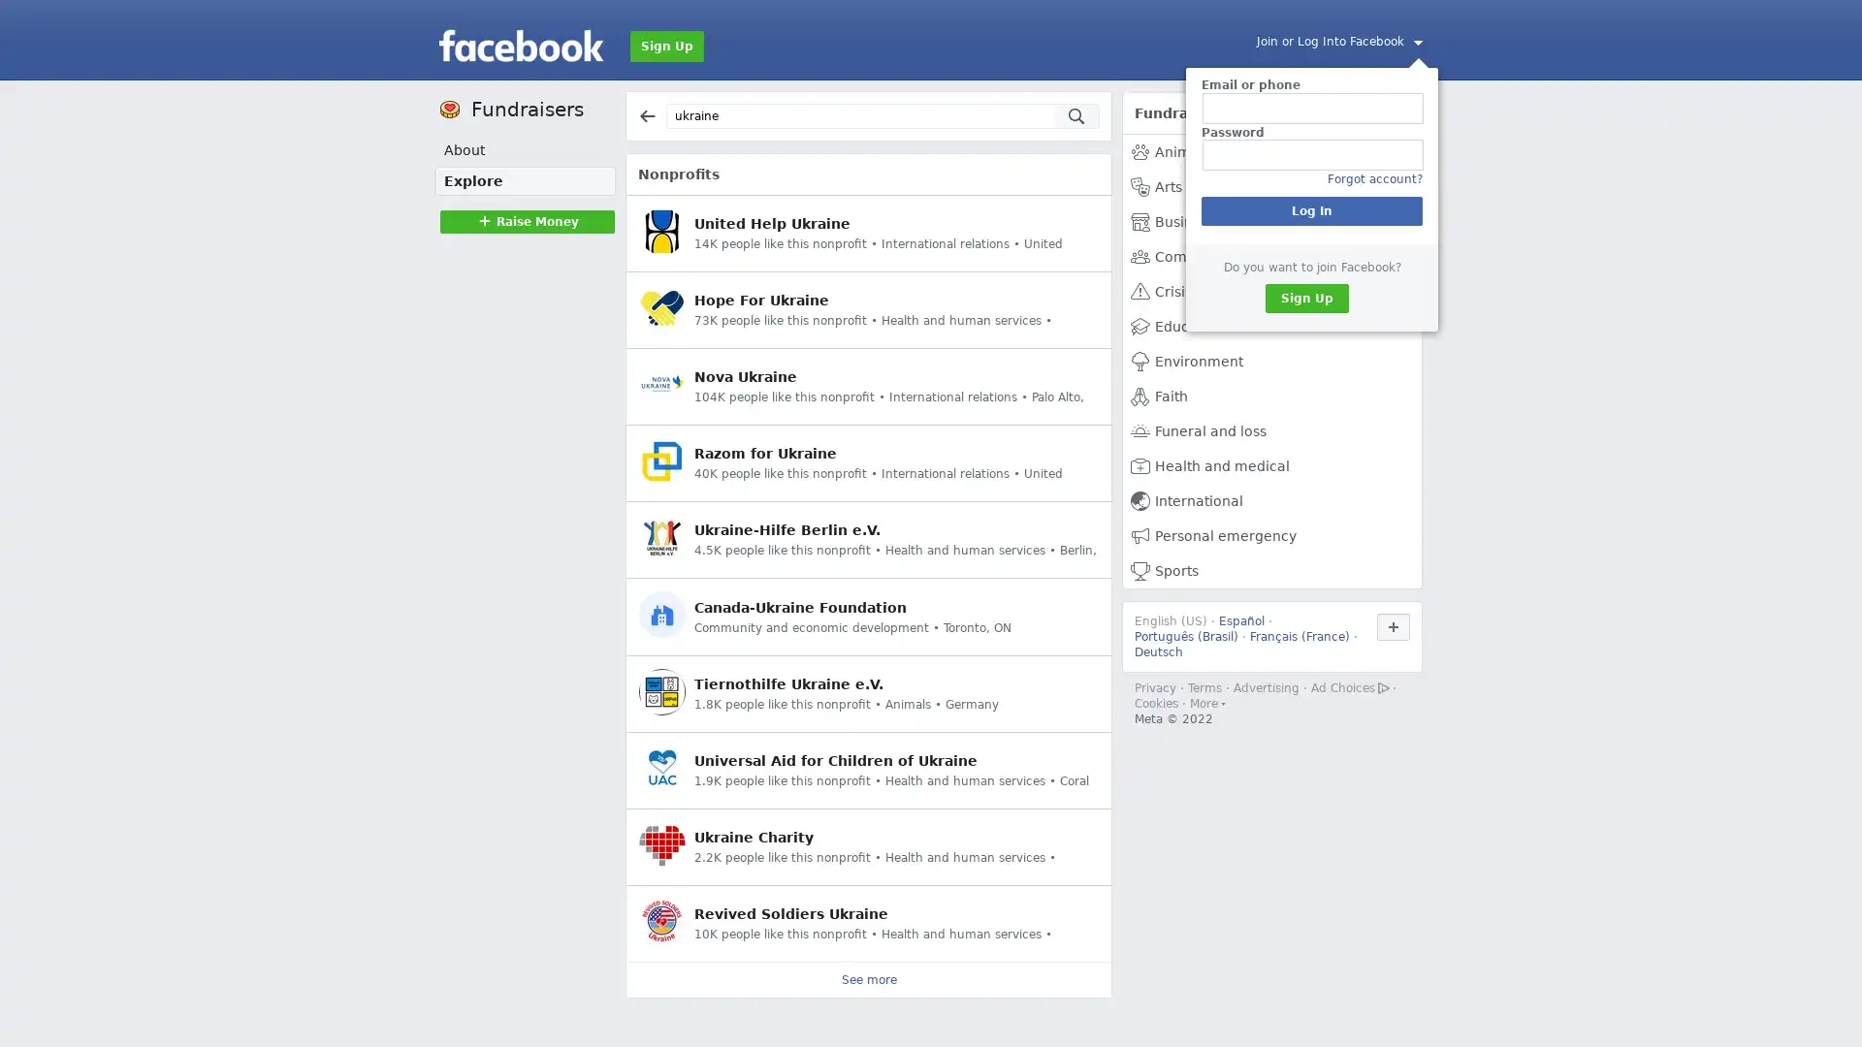 The height and width of the screenshot is (1047, 1862). What do you see at coordinates (1241, 620) in the screenshot?
I see `Espanol` at bounding box center [1241, 620].